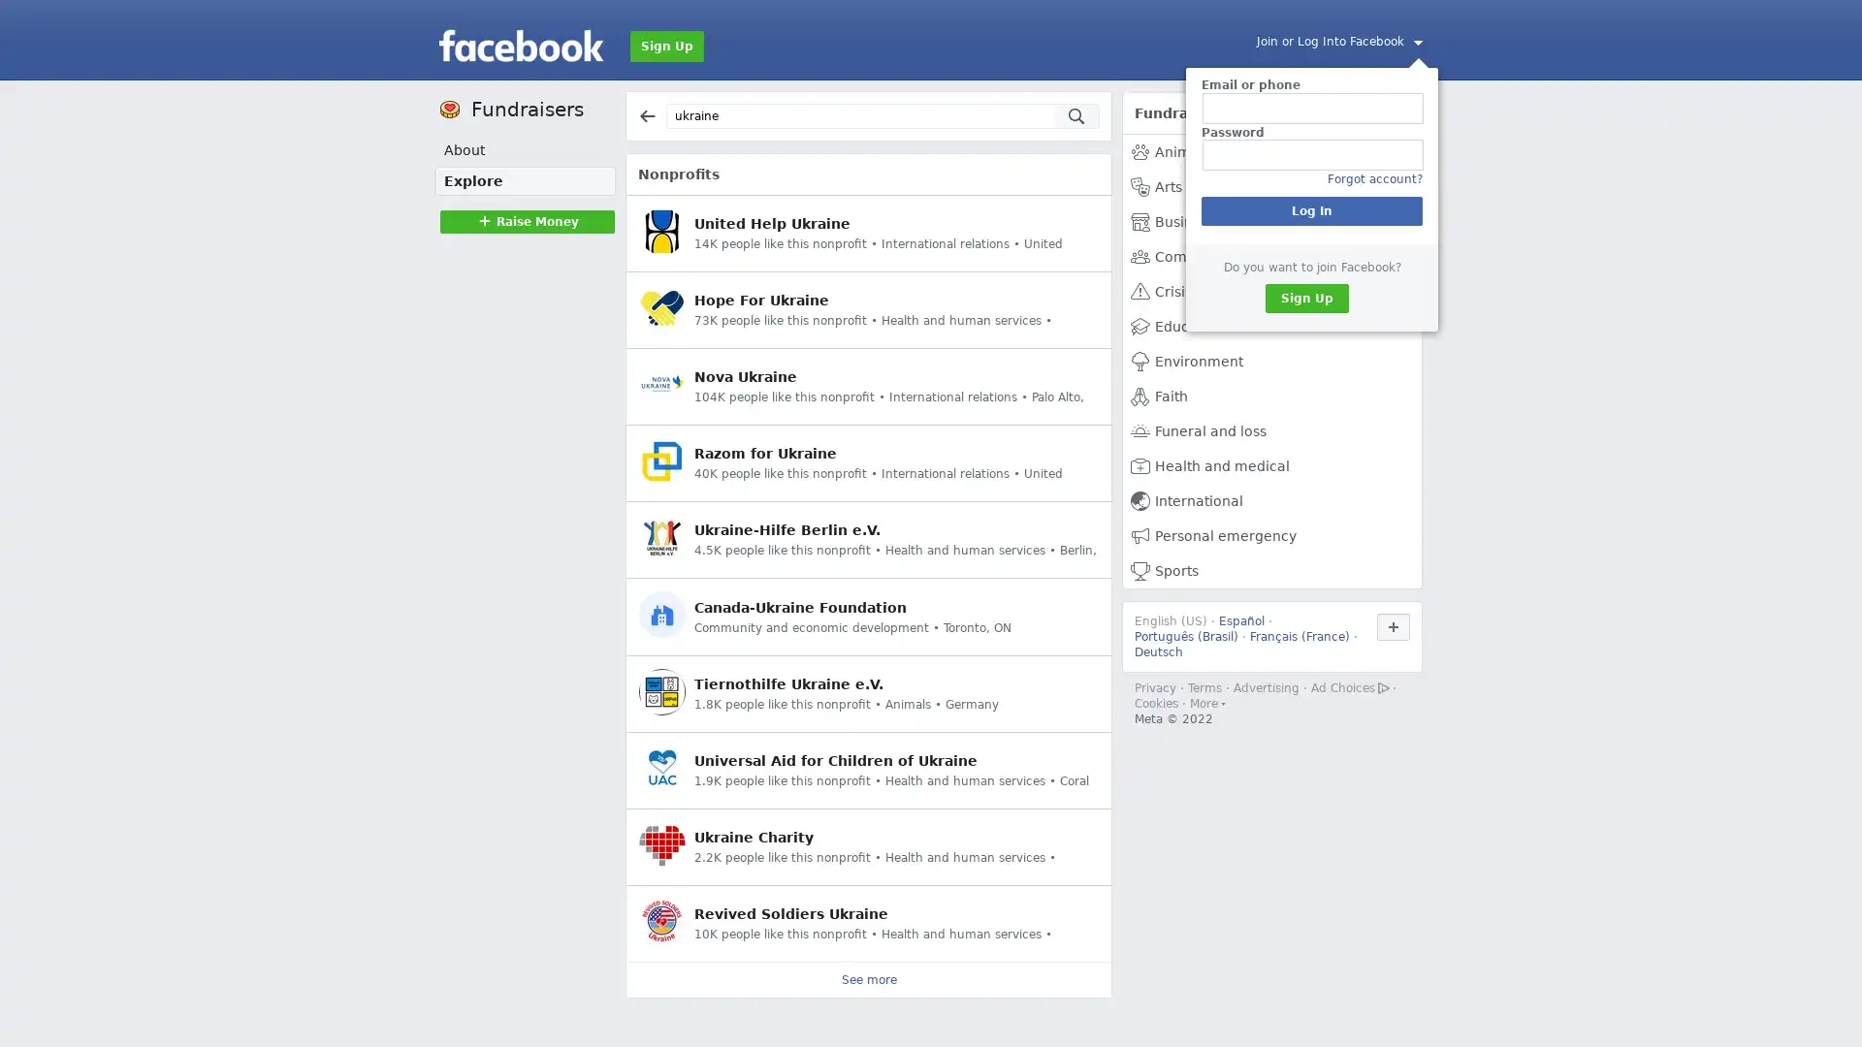 The height and width of the screenshot is (1047, 1862). What do you see at coordinates (1241, 620) in the screenshot?
I see `Espanol` at bounding box center [1241, 620].